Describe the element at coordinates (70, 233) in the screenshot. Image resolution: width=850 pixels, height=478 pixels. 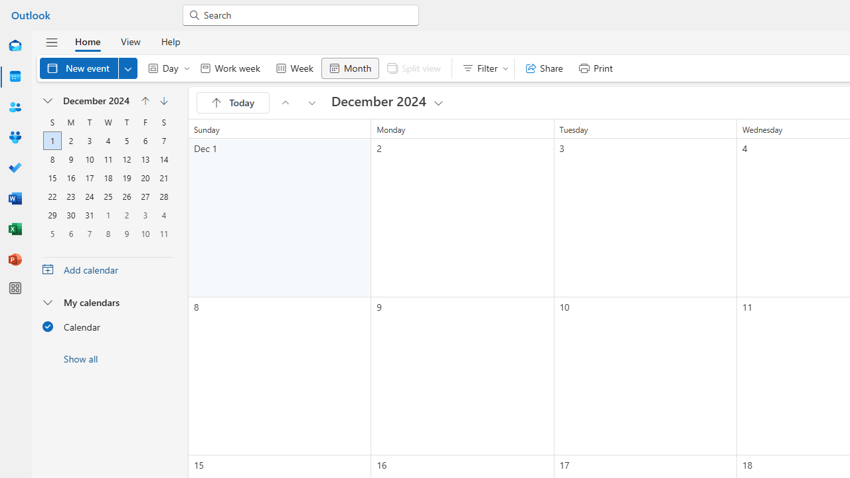
I see `'6, January, 2025'` at that location.